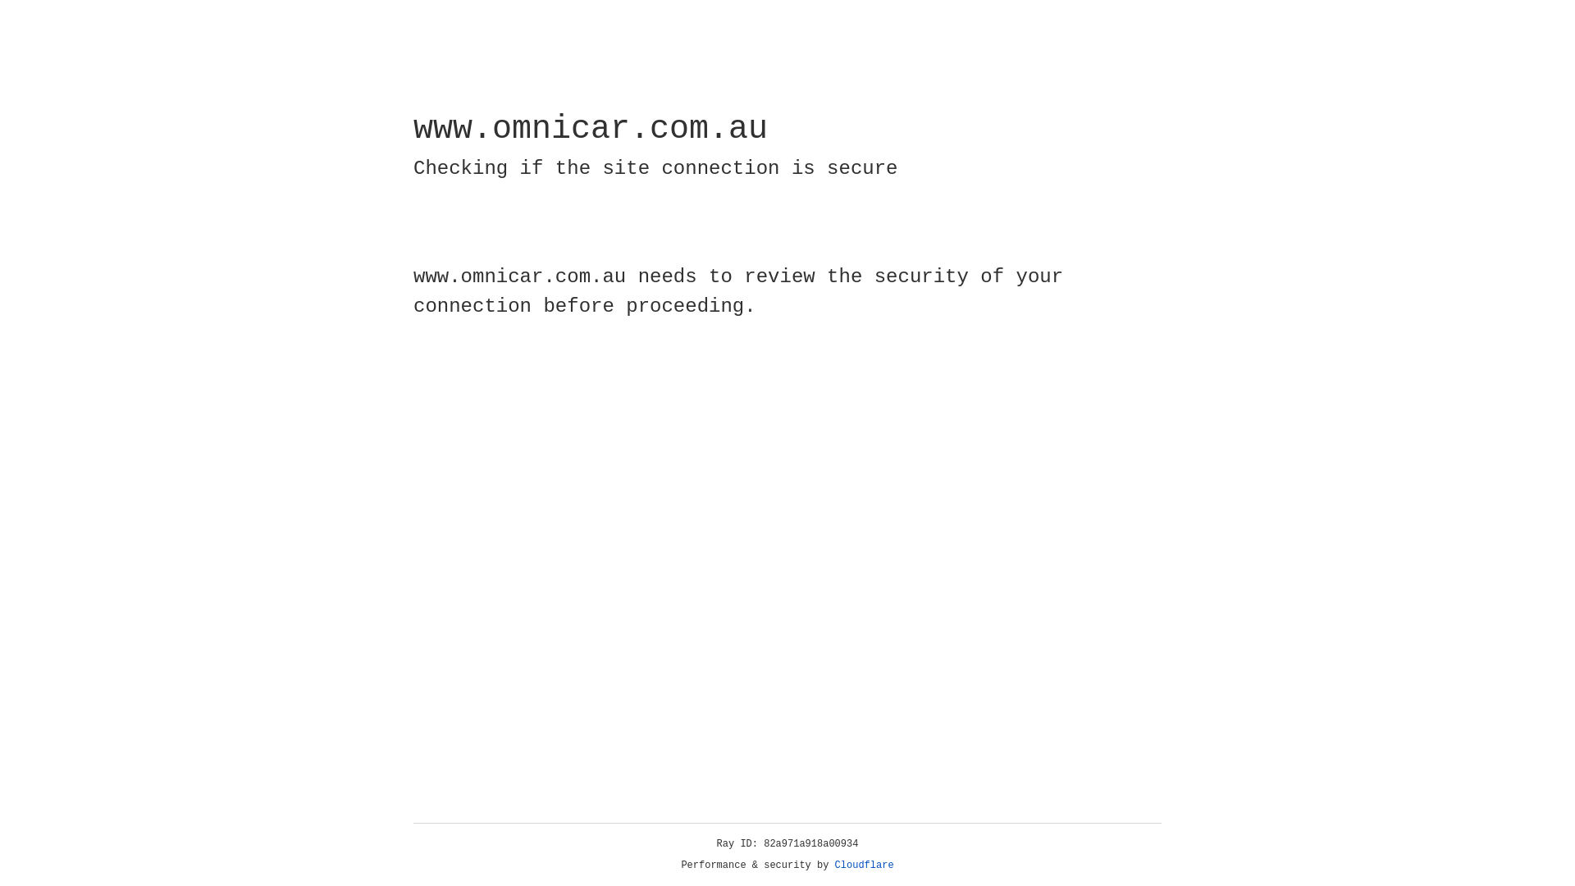 Image resolution: width=1575 pixels, height=886 pixels. Describe the element at coordinates (864, 865) in the screenshot. I see `'Cloudflare'` at that location.